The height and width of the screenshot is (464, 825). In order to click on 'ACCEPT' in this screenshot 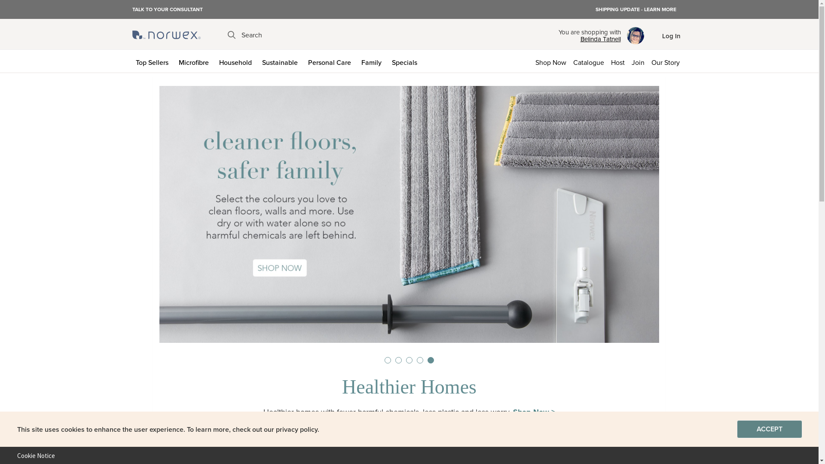, I will do `click(736, 429)`.